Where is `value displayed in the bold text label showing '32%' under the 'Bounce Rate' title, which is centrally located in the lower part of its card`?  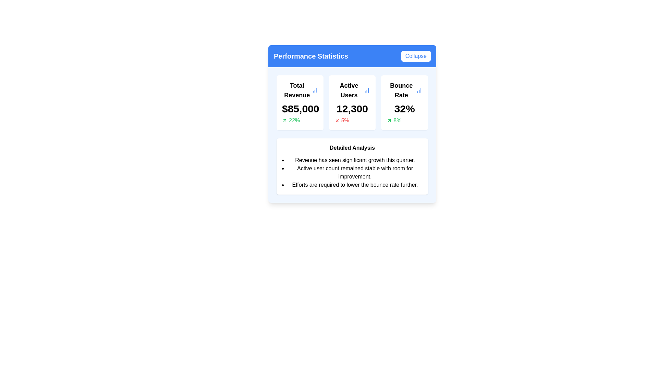
value displayed in the bold text label showing '32%' under the 'Bounce Rate' title, which is centrally located in the lower part of its card is located at coordinates (404, 108).